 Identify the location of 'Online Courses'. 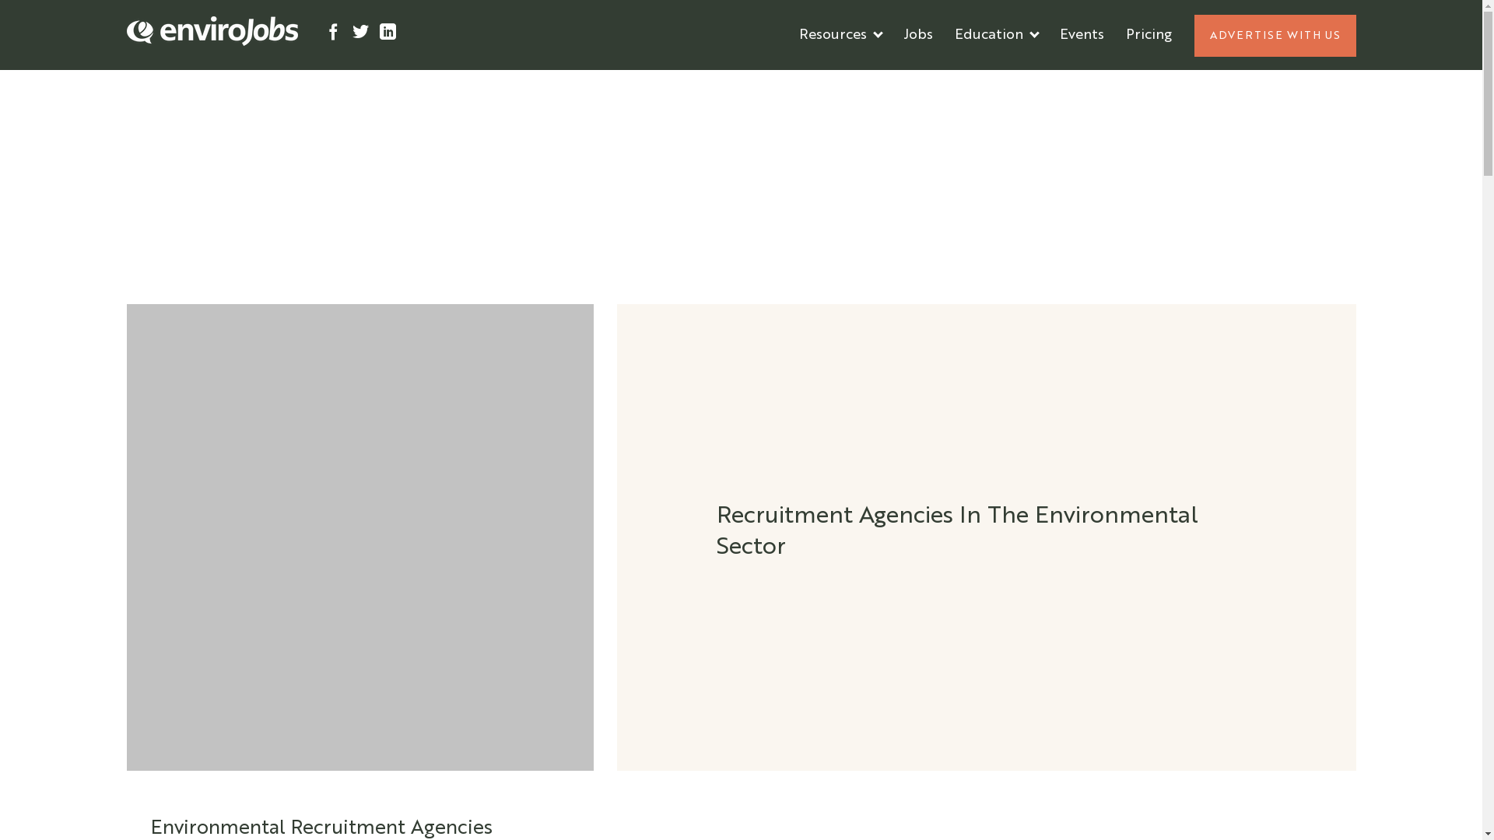
(1005, 82).